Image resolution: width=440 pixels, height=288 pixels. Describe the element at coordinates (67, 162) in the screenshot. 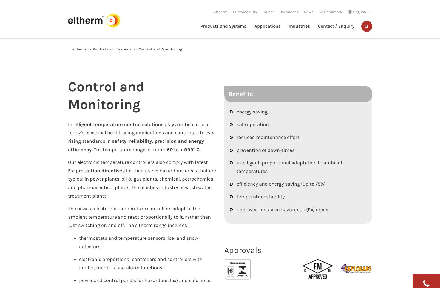

I see `'Our electronic temperature controllers also comply with latest'` at that location.